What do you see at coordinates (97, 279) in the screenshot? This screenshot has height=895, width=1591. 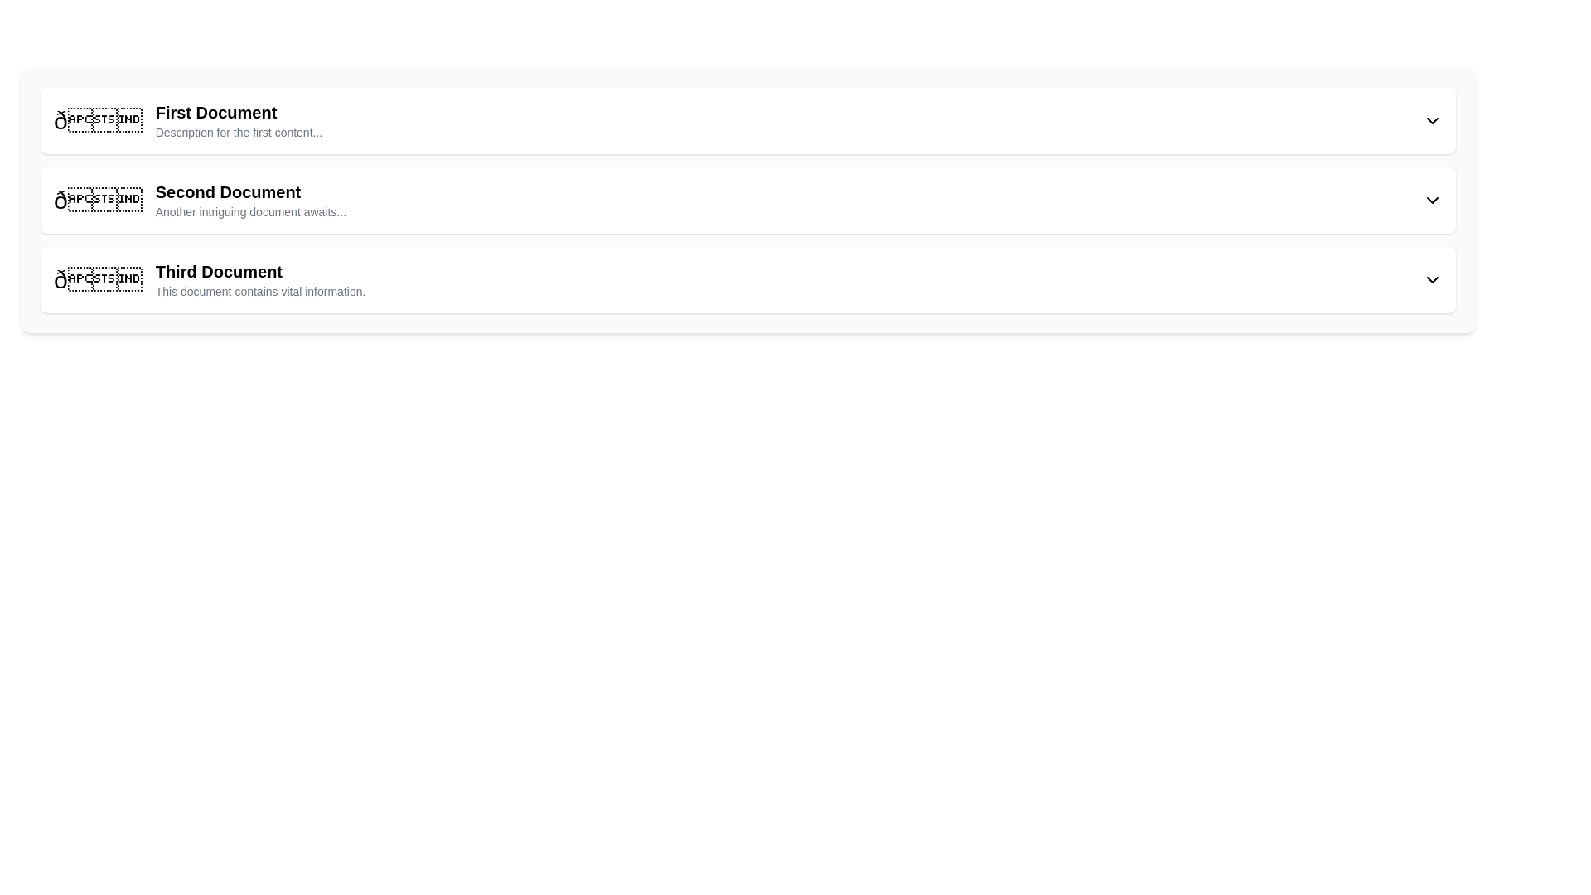 I see `the large text icon 'ð📄' with a three-dimensional design located at the leftmost side of the row labeled 'Third Document'` at bounding box center [97, 279].